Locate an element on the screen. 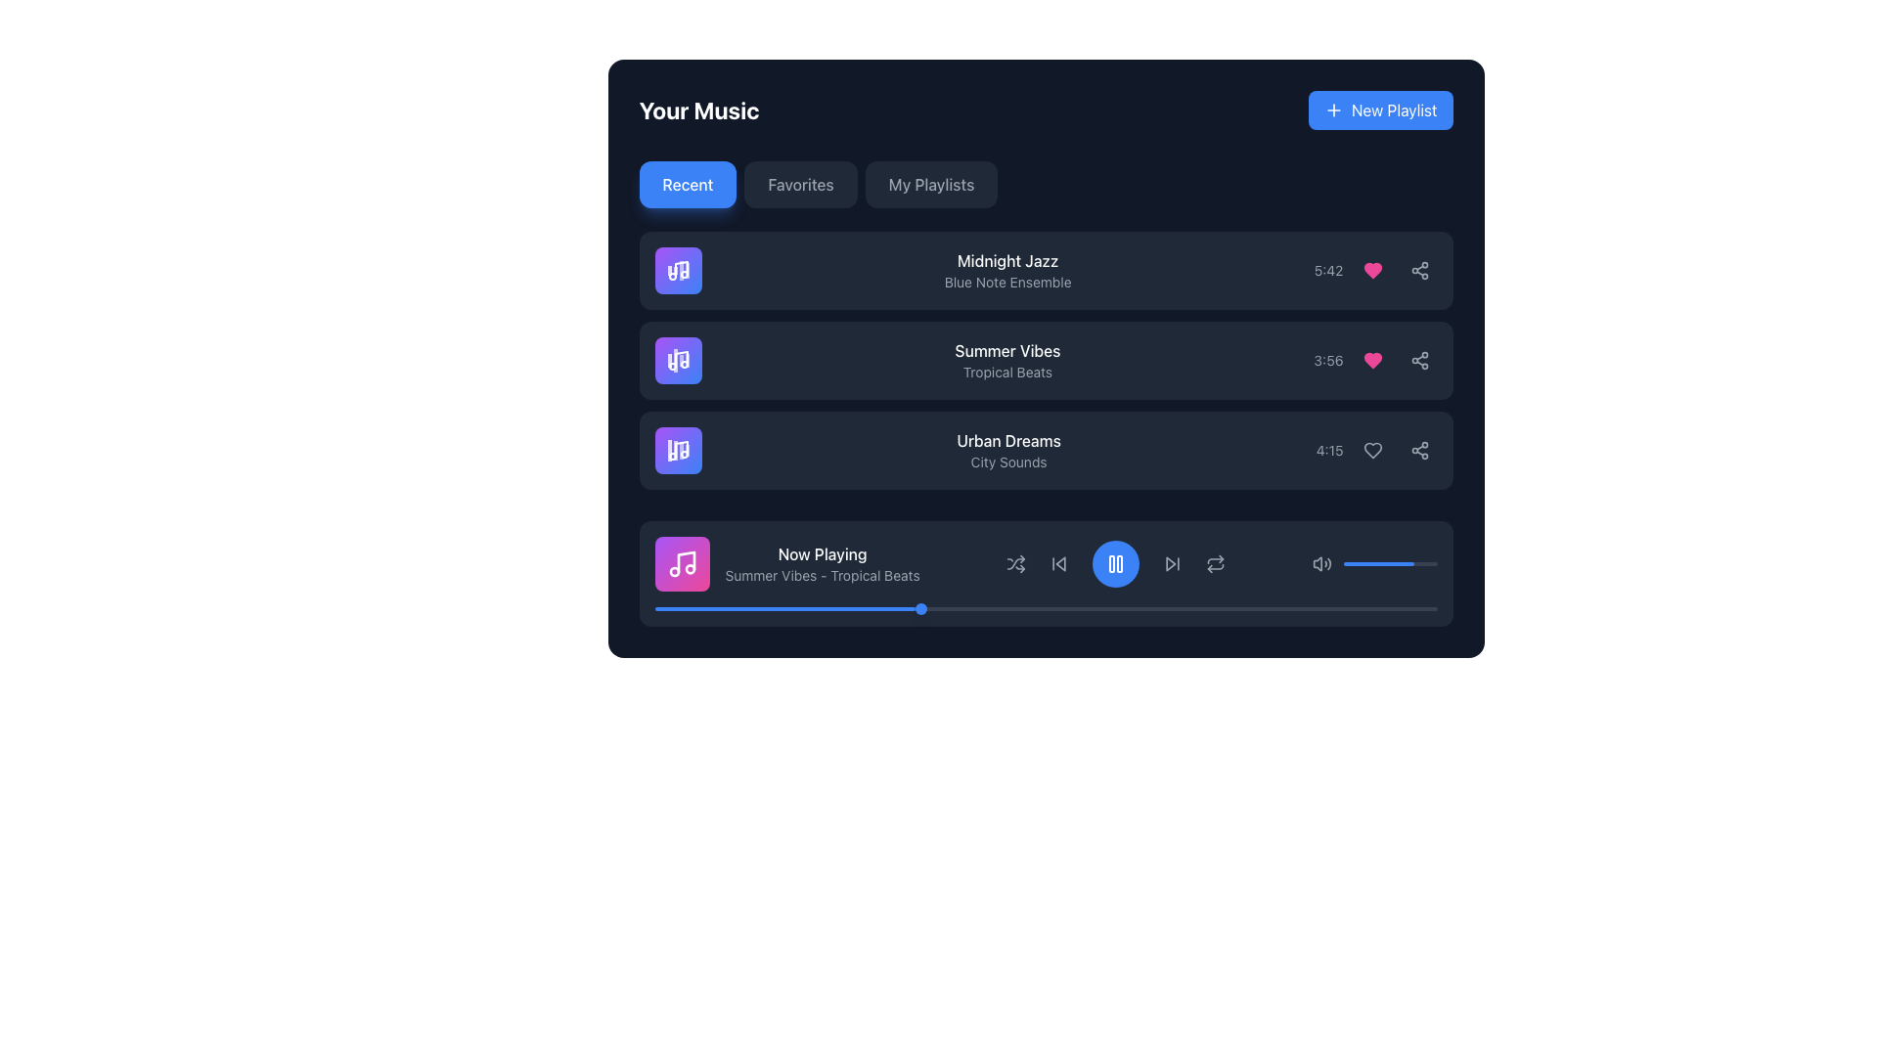 This screenshot has width=1878, height=1056. the text label of the music track located in the second row, between 'Midnight Jazz' and 'Urban Dreams' is located at coordinates (1007, 361).